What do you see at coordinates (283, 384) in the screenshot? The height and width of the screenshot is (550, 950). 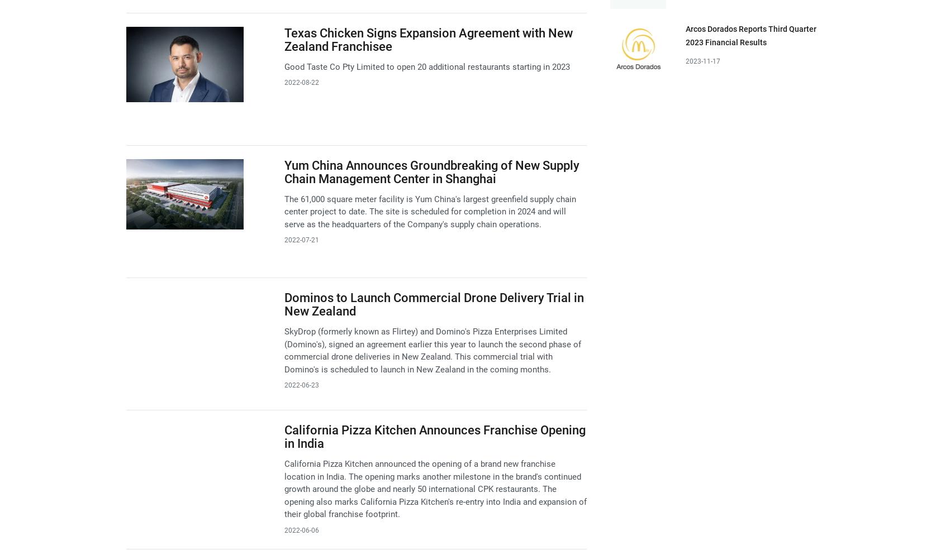 I see `'2022-06-23'` at bounding box center [283, 384].